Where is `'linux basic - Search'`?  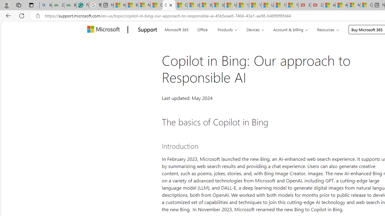
'linux basic - Search' is located at coordinates (45, 5).